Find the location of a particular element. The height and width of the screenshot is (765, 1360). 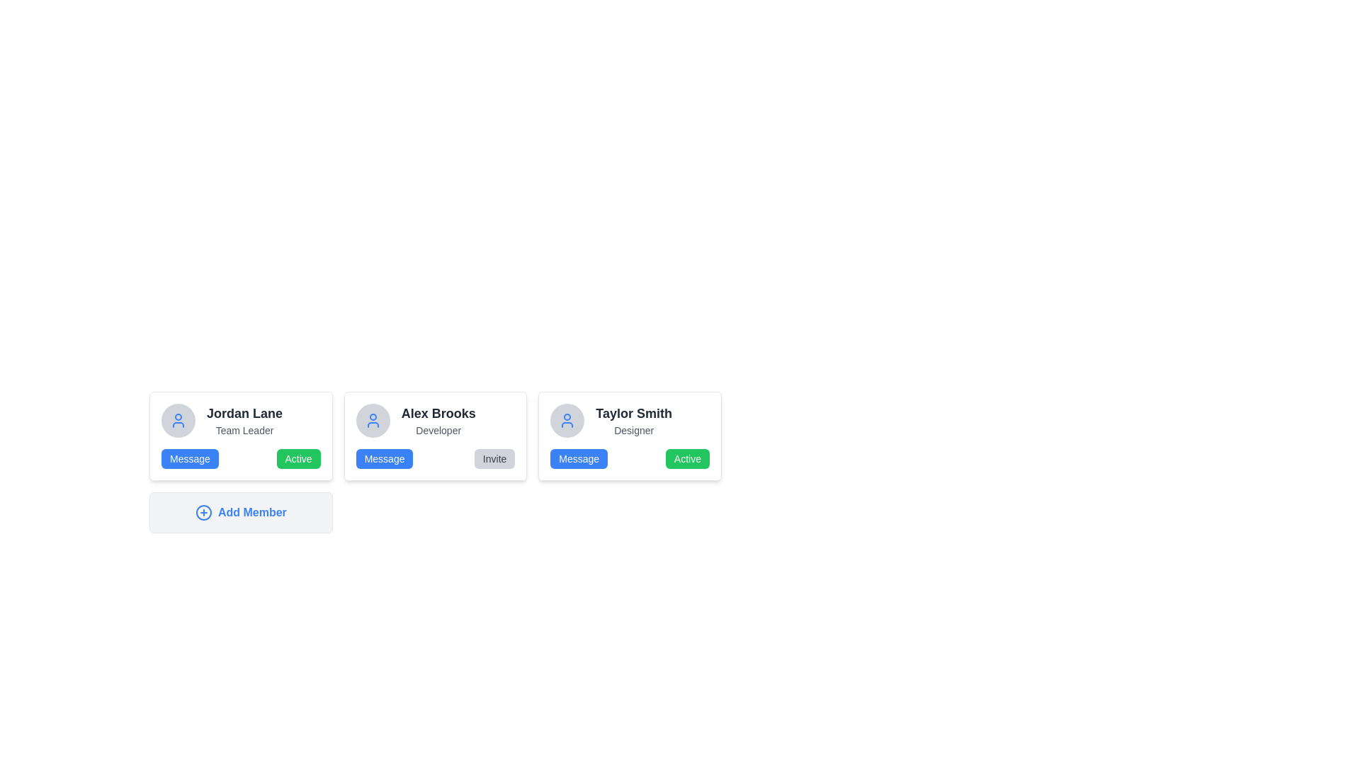

the circular image placeholder with a gray background and blue user silhouette to focus on it is located at coordinates (373, 420).